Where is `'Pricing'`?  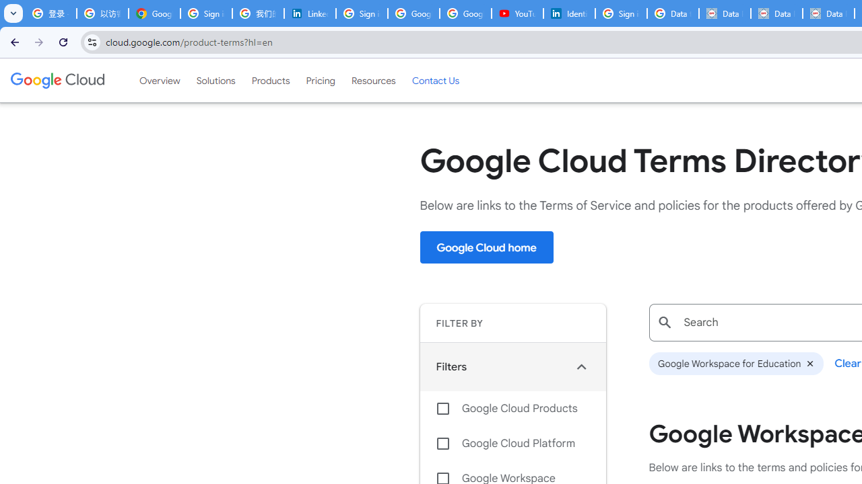 'Pricing' is located at coordinates (320, 80).